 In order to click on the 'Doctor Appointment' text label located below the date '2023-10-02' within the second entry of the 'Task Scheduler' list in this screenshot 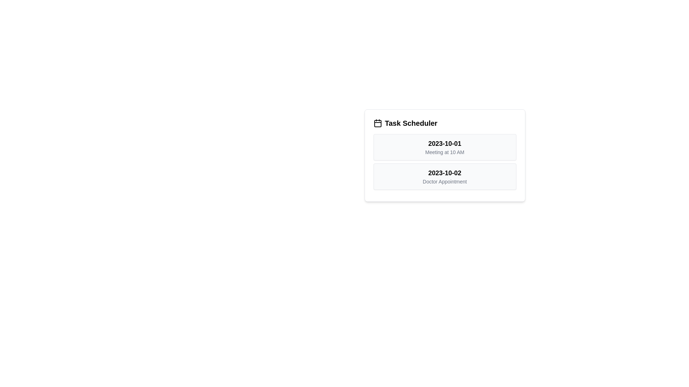, I will do `click(444, 181)`.